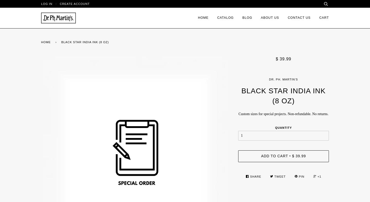 The image size is (370, 202). Describe the element at coordinates (74, 4) in the screenshot. I see `'Create account'` at that location.